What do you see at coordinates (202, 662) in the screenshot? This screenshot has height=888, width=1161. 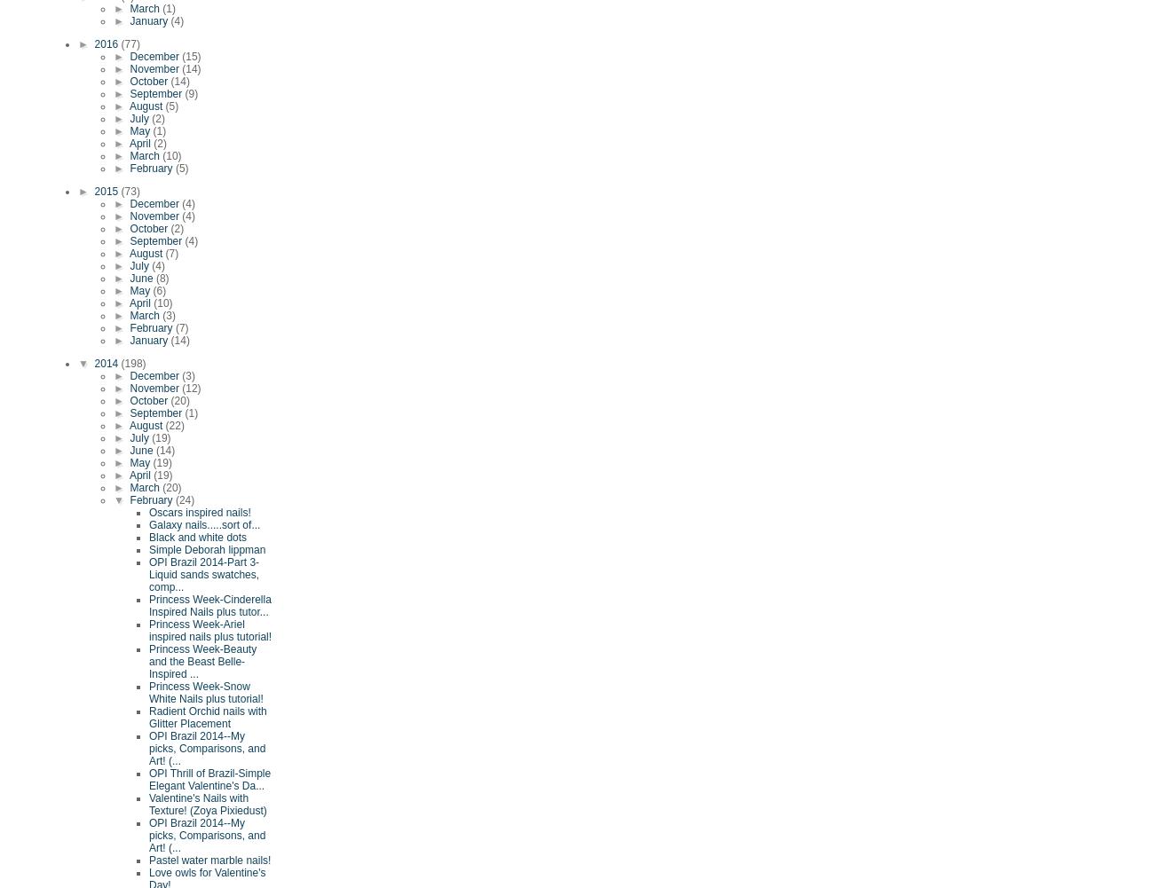 I see `'Princess Week-Beauty and the Beast Belle-Inspired ...'` at bounding box center [202, 662].